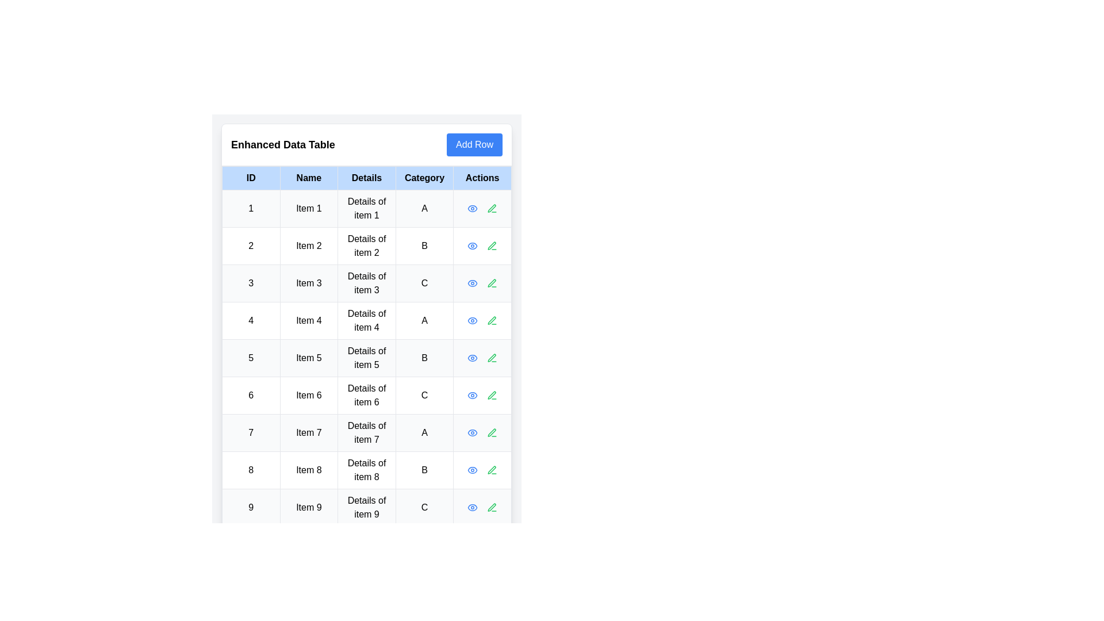 The width and height of the screenshot is (1104, 621). I want to click on the 'Name' label, which is a rectangular header in a light blue background with bold black text, located as the second item in a series of five headers in the data table, so click(309, 178).